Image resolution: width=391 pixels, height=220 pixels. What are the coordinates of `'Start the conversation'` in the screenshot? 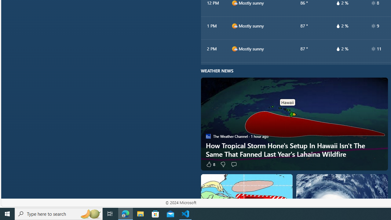 It's located at (233, 164).